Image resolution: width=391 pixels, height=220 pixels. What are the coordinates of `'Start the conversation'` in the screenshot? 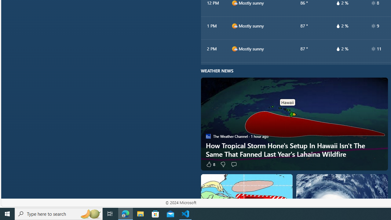 It's located at (233, 164).